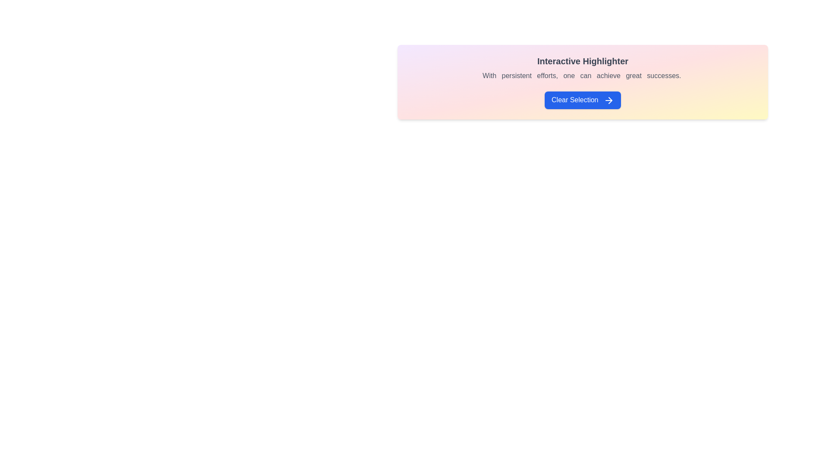 The image size is (828, 466). Describe the element at coordinates (583, 100) in the screenshot. I see `the blue button labeled 'Clear Selection'` at that location.